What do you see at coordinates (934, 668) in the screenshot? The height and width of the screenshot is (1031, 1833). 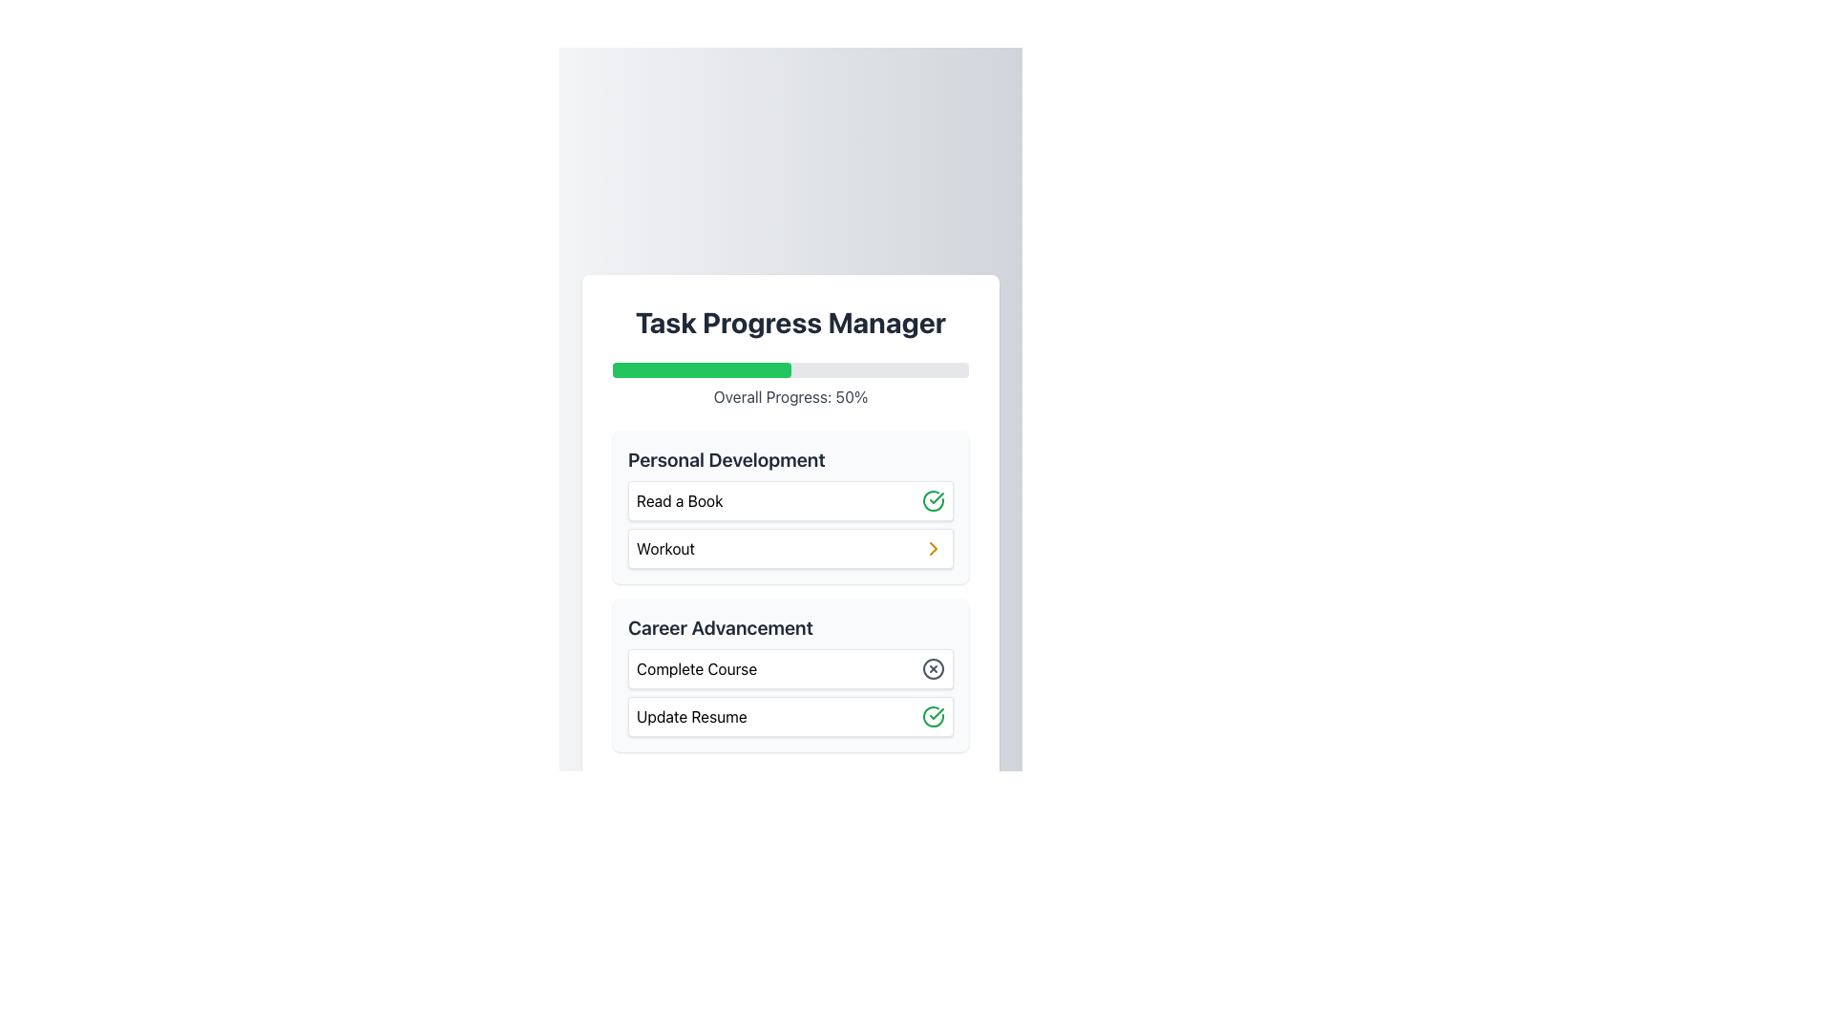 I see `the delete icon located to the right of the 'Complete Course' text in the 'Career Advancement' section` at bounding box center [934, 668].